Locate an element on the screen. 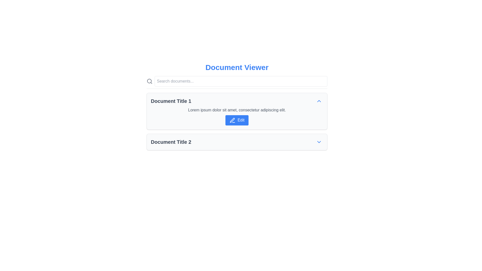 The width and height of the screenshot is (482, 271). the editing icon located within the blue 'Edit' button to the right of the text 'Lorem ipsum dolor sit amet, consectetur adipiscing elit.' under the heading 'Document Title 1' is located at coordinates (232, 120).